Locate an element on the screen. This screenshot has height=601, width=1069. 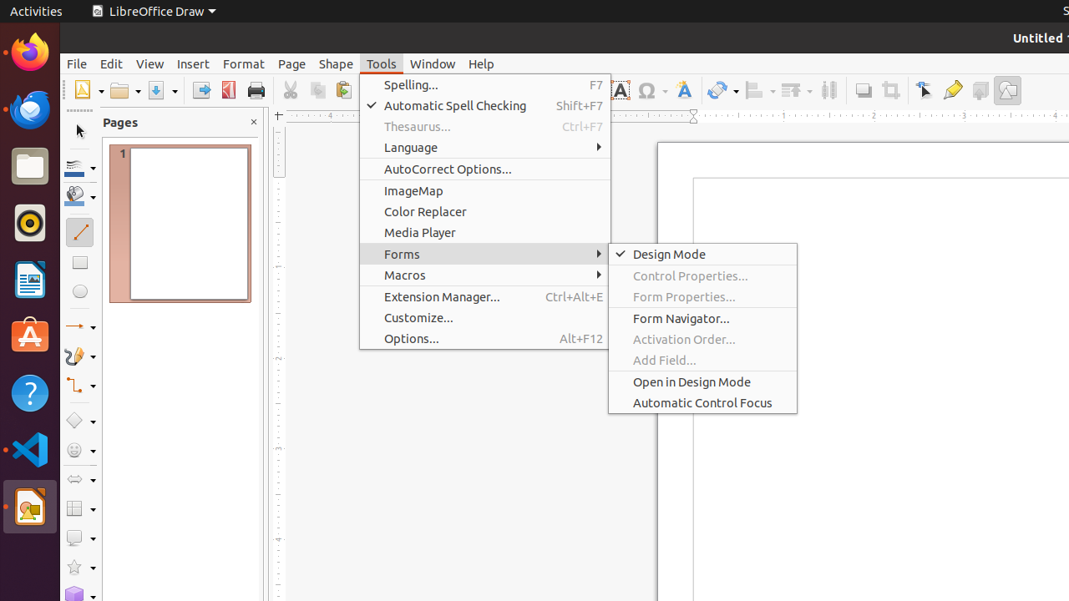
'Shape' is located at coordinates (335, 63).